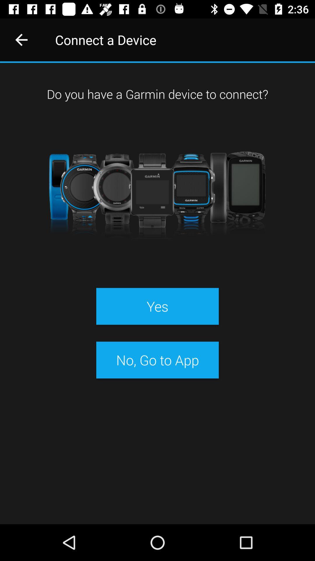 This screenshot has width=315, height=561. Describe the element at coordinates (157, 306) in the screenshot. I see `yes item` at that location.